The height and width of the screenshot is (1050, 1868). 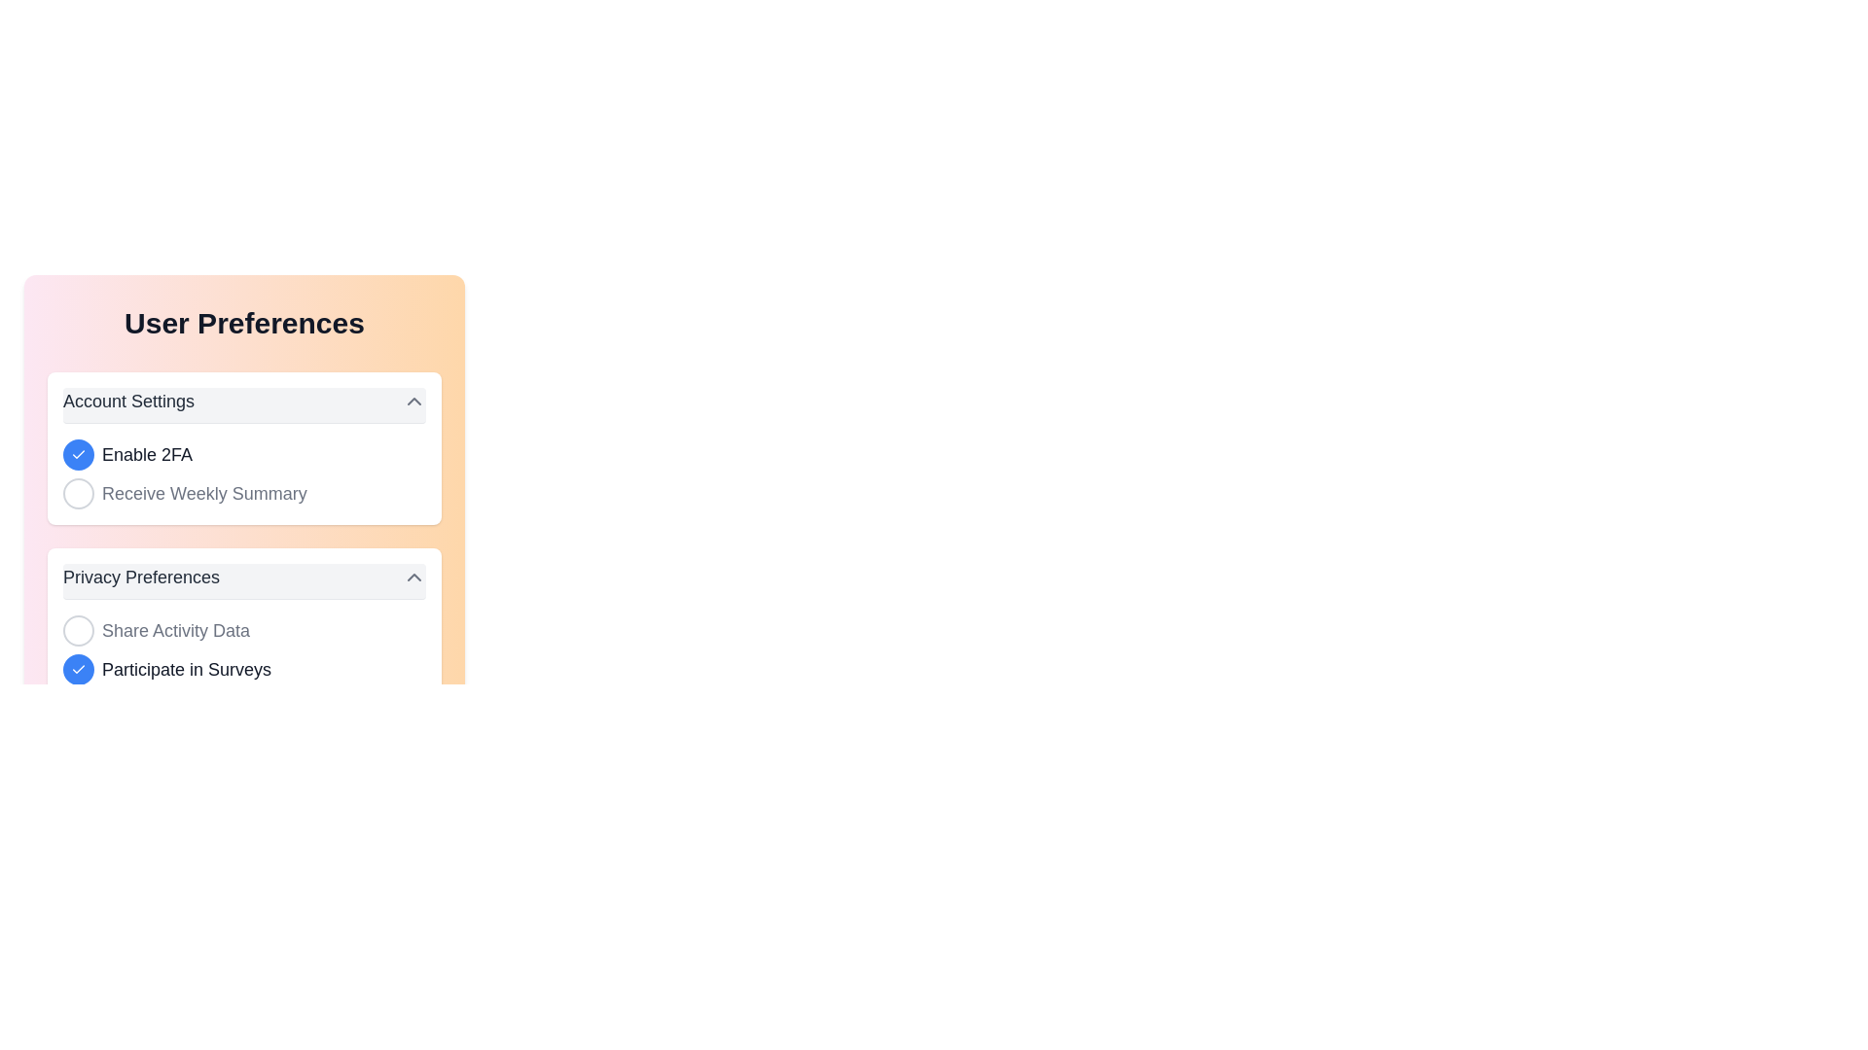 I want to click on the text label that displays 'Participate in Surveys', which is styled in medium font weight and dark gray color, located in the 'Privacy Preferences' section next to a circular checkbox, so click(x=187, y=669).